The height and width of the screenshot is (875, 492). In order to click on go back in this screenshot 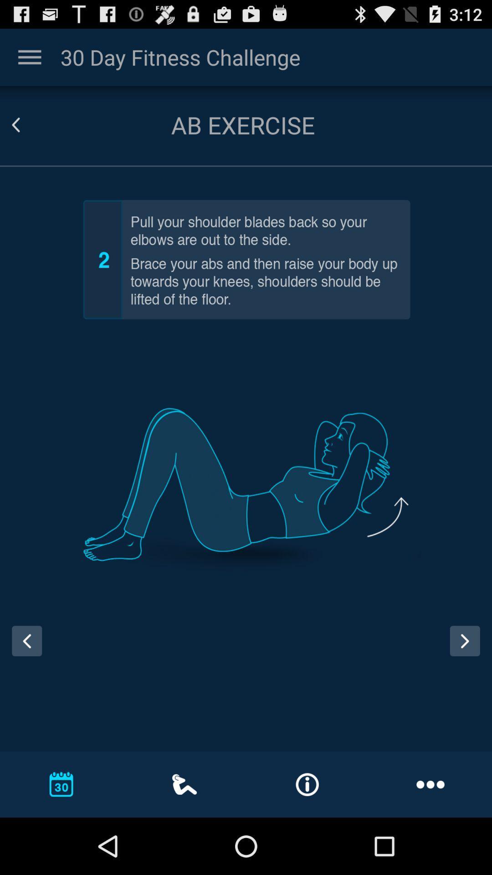, I will do `click(26, 640)`.